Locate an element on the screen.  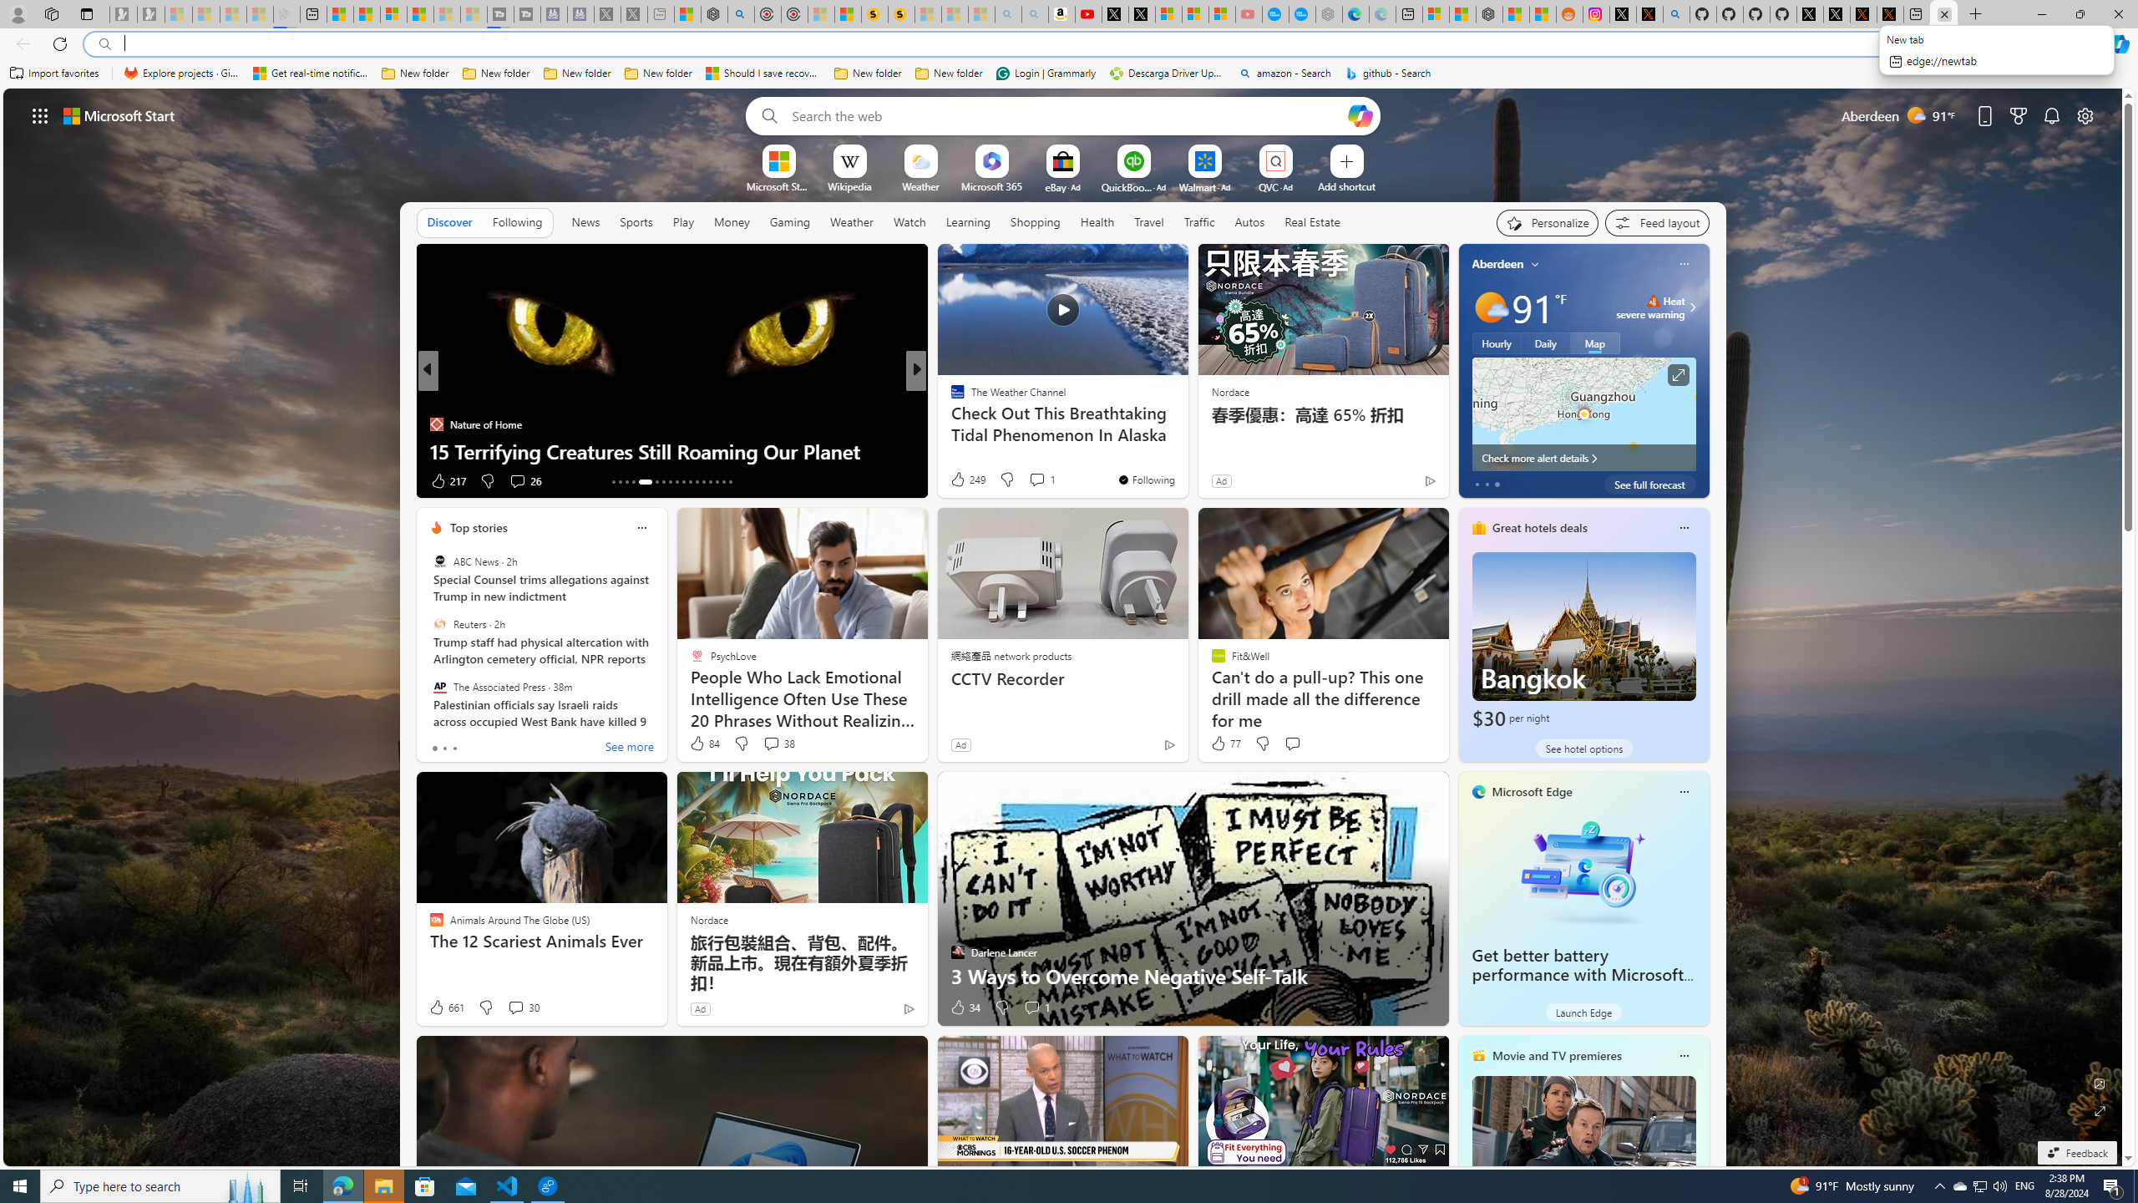
'Nordace - Nordace has arrived Hong Kong - Sleeping' is located at coordinates (1328, 13).